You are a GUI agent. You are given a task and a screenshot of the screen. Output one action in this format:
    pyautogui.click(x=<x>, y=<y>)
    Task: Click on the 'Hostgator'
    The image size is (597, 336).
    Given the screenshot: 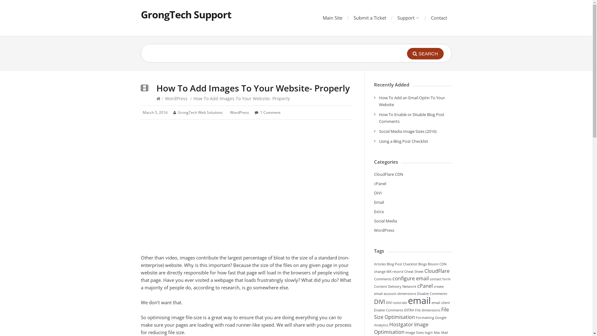 What is the action you would take?
    pyautogui.click(x=401, y=324)
    